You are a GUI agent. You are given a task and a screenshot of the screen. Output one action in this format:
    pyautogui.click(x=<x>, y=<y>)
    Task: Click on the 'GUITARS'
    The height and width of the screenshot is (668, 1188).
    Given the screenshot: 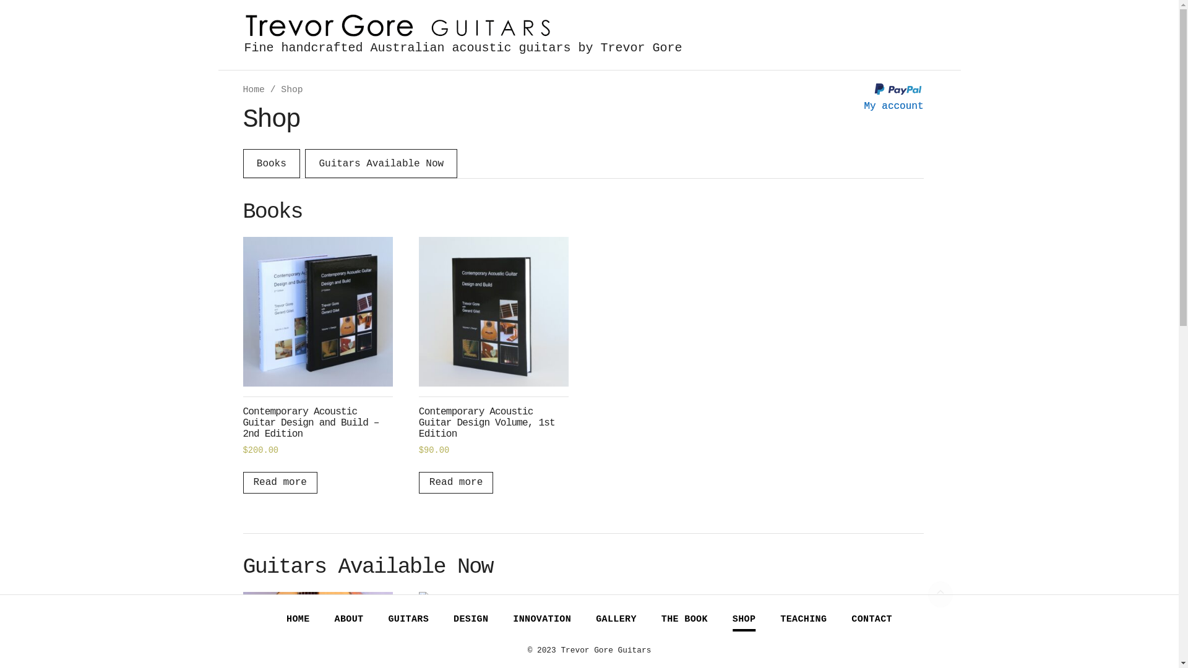 What is the action you would take?
    pyautogui.click(x=408, y=620)
    